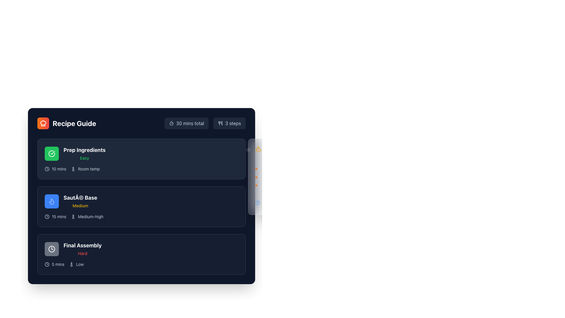 The image size is (565, 318). What do you see at coordinates (258, 148) in the screenshot?
I see `the triangular alert icon with a bright amber border, located in the mid-upper section of the visible sidebar, near the vertical scroll region` at bounding box center [258, 148].